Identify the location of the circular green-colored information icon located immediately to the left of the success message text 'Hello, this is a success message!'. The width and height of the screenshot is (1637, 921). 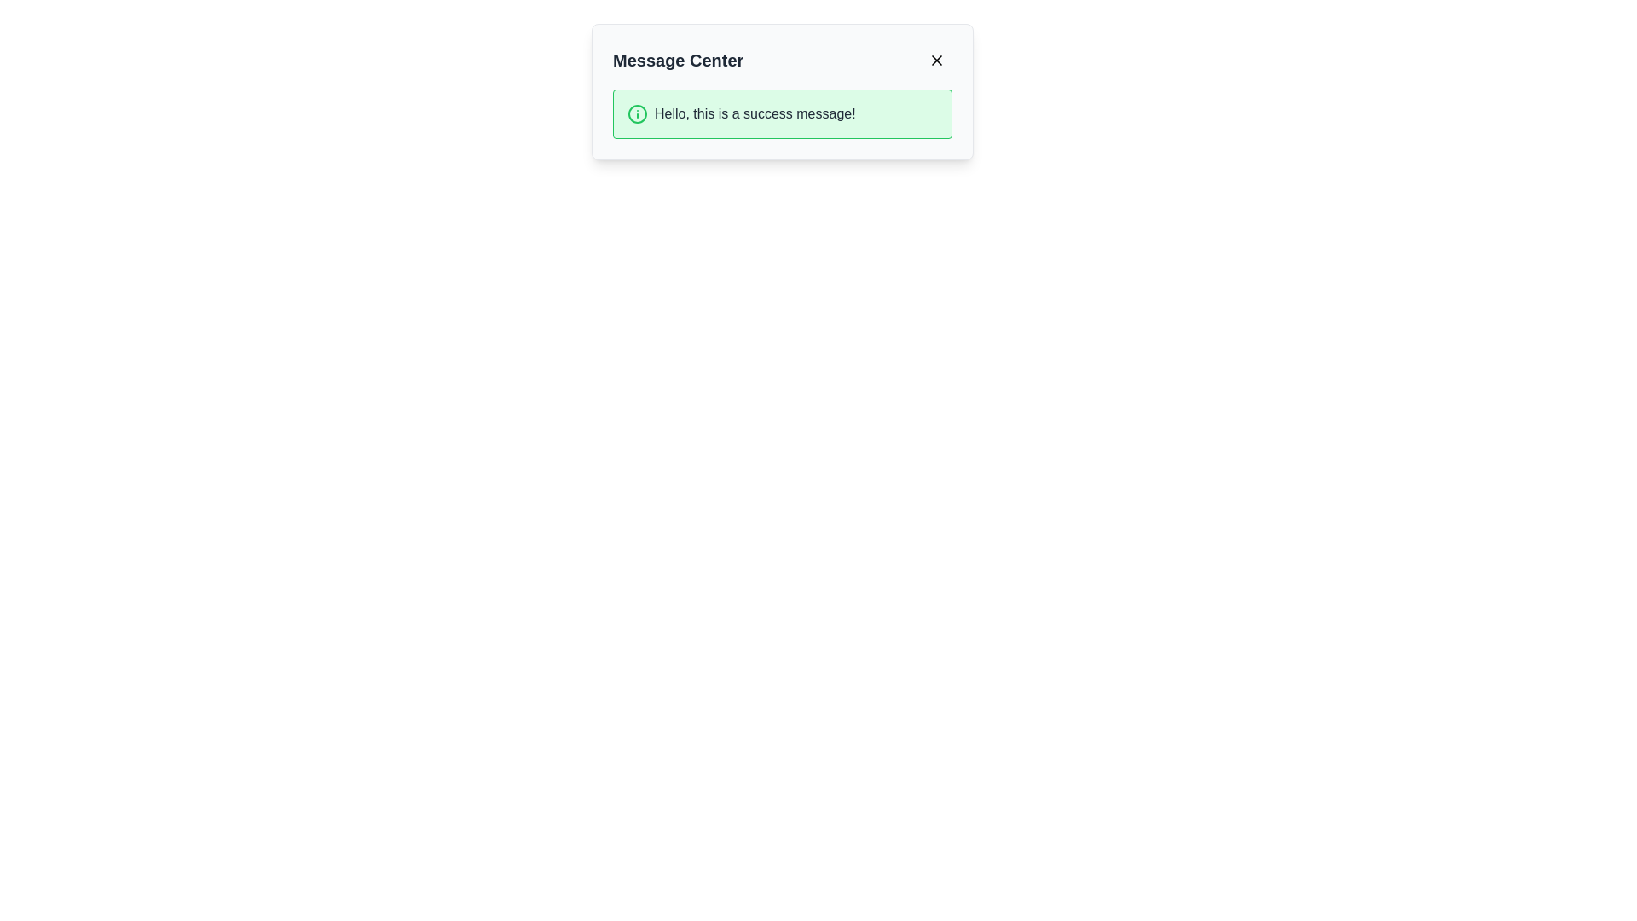
(637, 114).